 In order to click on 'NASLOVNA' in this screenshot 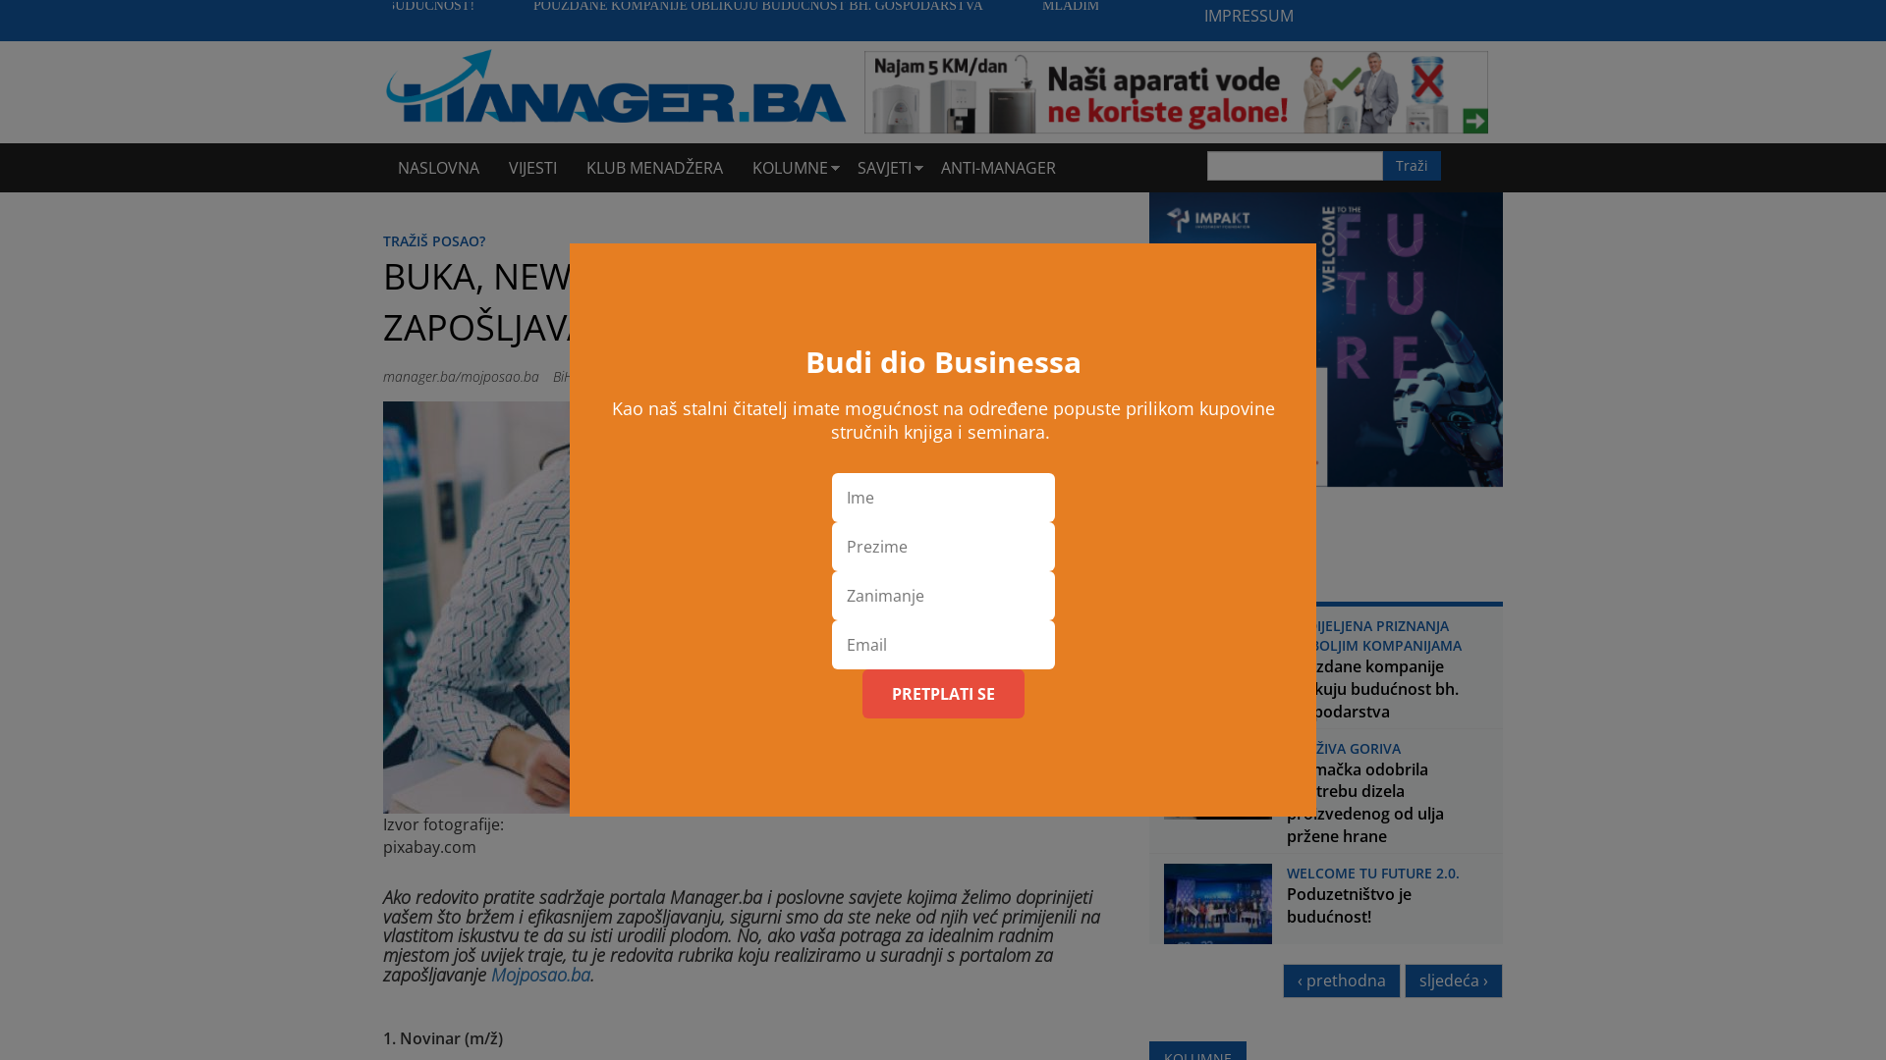, I will do `click(437, 166)`.